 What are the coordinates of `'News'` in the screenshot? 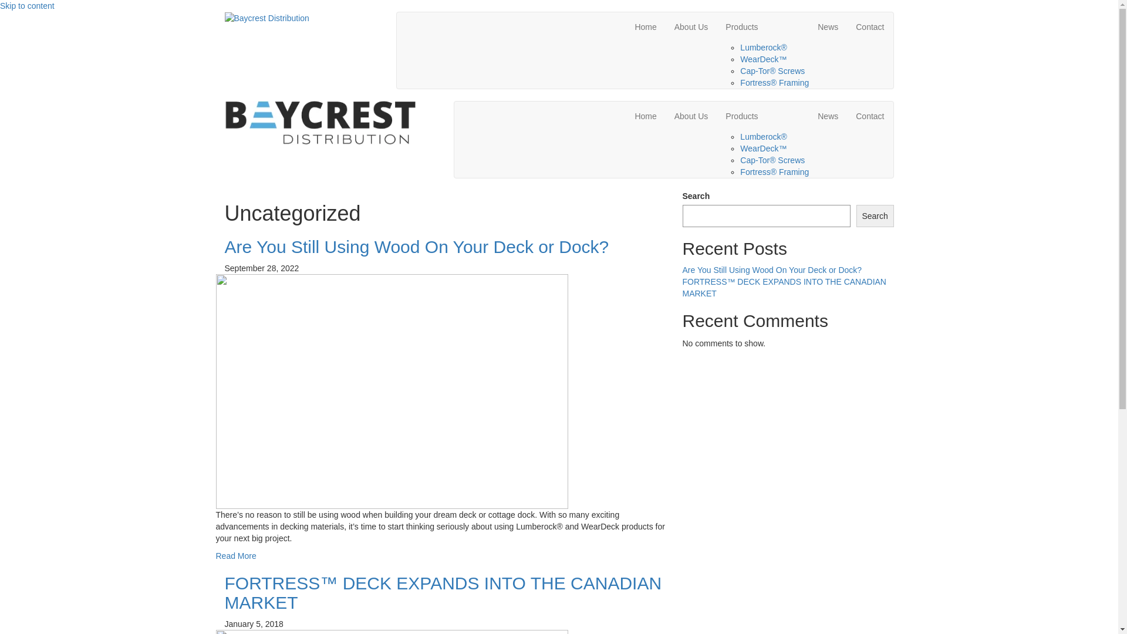 It's located at (827, 26).